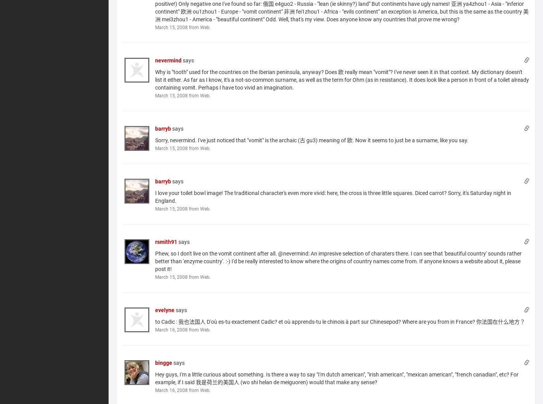 This screenshot has height=404, width=543. I want to click on 'Phew, so I don't live on the vomit continent after all.

@nevermind: An impresive selection of charaters there. I can see that 'beautiful country' sounds rather better than 'enzyme country'.  :-)

I'd be really interested to know where the origins of country names come from. If anyone knows a website about it, please post it!', so click(154, 261).